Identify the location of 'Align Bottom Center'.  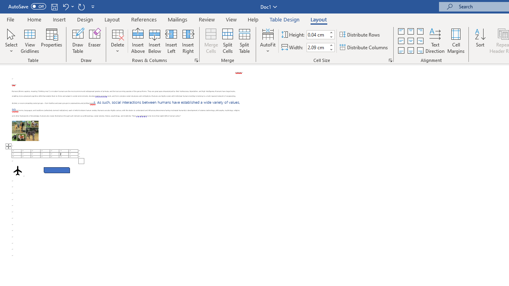
(410, 50).